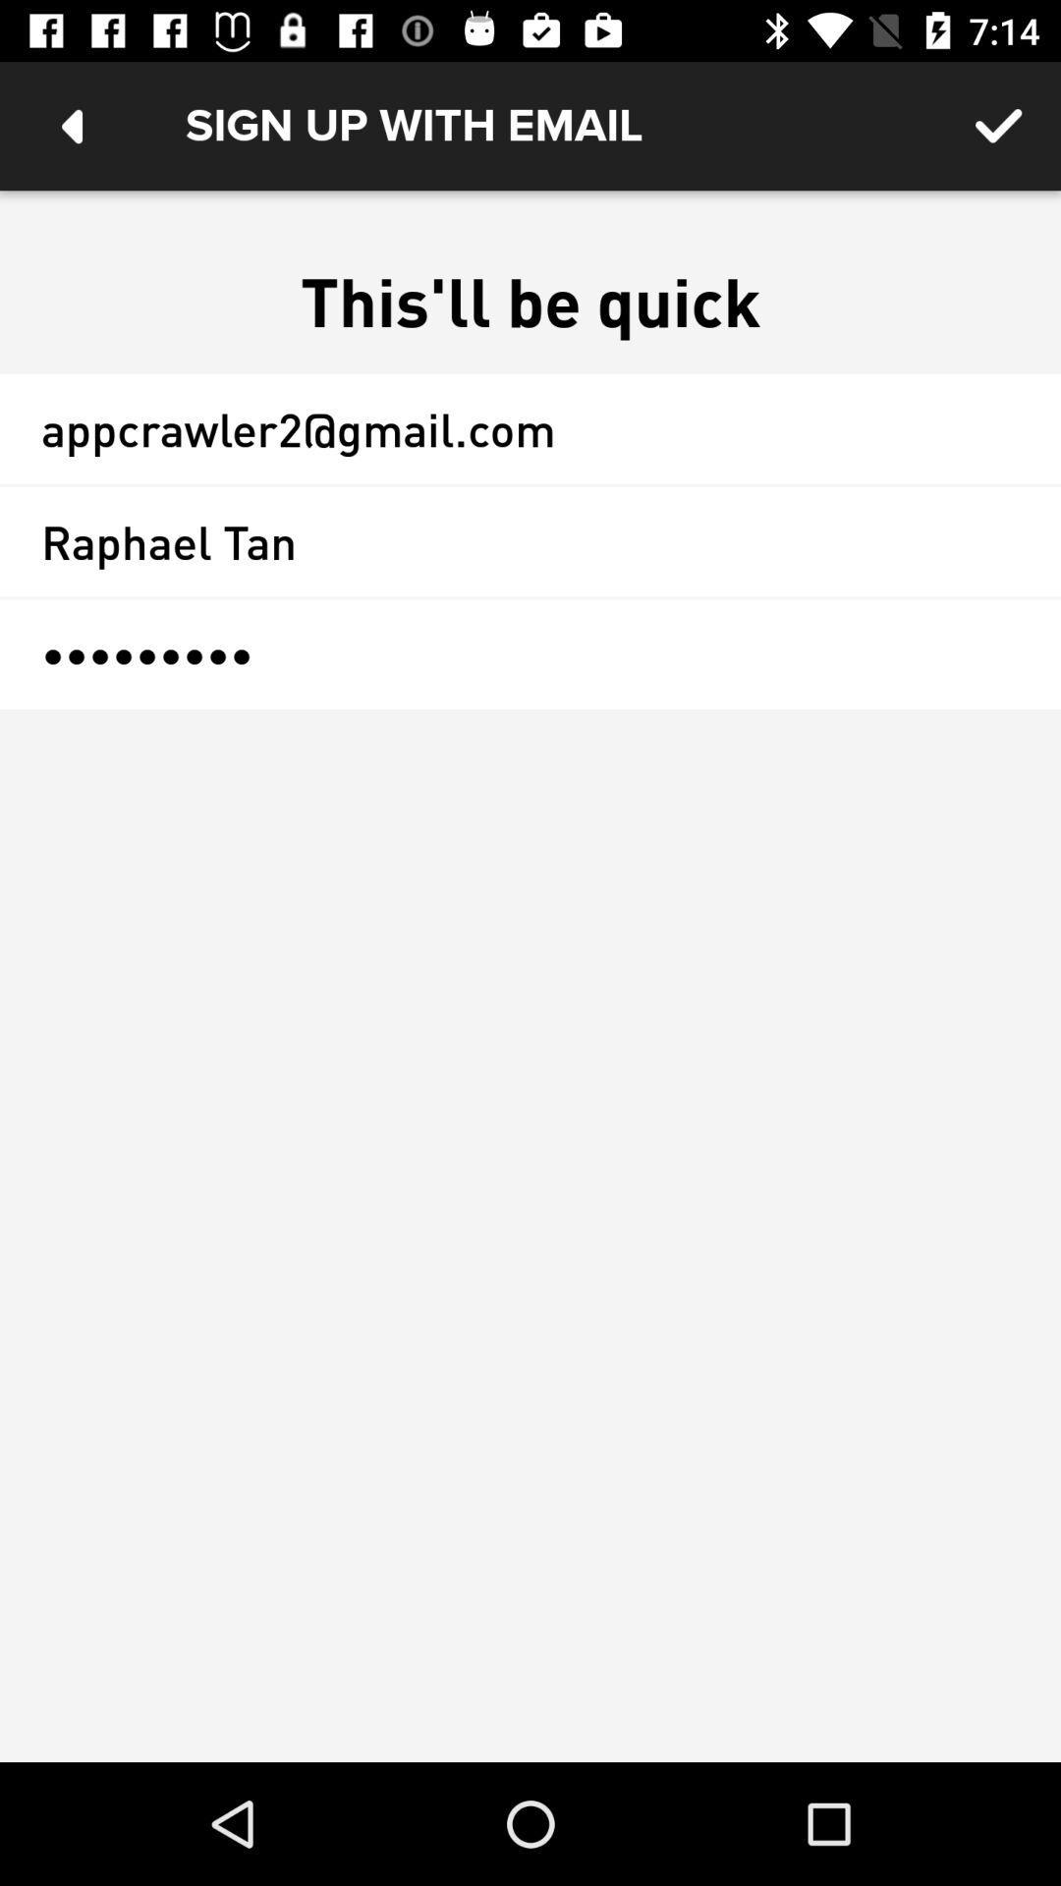  Describe the element at coordinates (530, 541) in the screenshot. I see `the raphael tan item` at that location.